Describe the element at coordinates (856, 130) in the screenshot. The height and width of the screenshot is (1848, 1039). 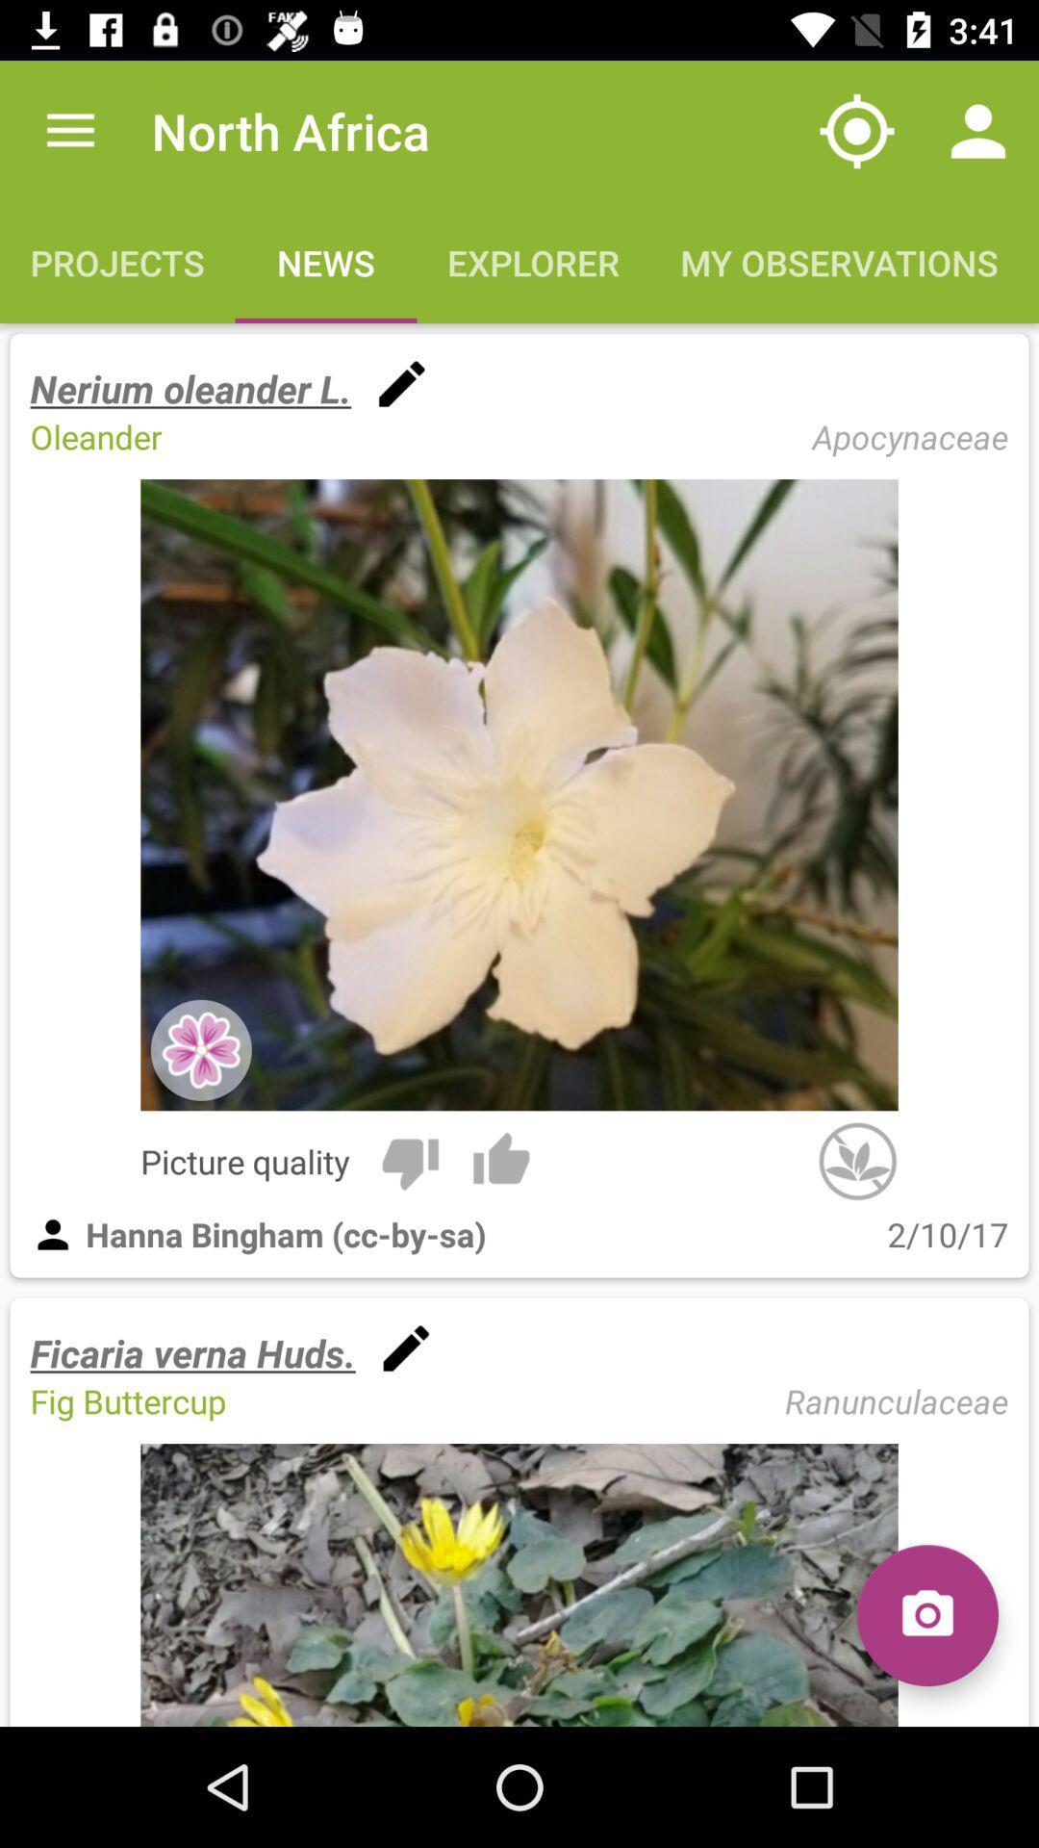
I see `the item to the right of north africa` at that location.